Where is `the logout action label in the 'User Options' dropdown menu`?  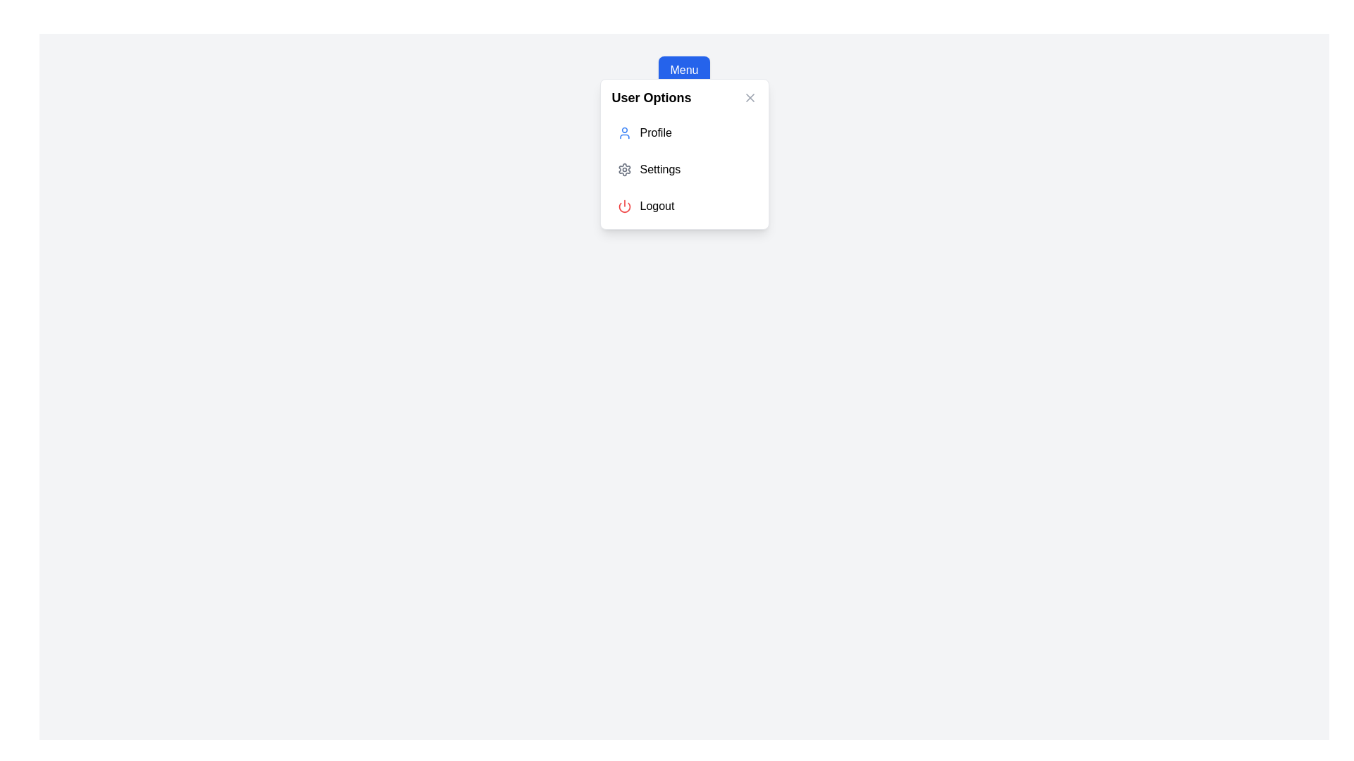 the logout action label in the 'User Options' dropdown menu is located at coordinates (656, 206).